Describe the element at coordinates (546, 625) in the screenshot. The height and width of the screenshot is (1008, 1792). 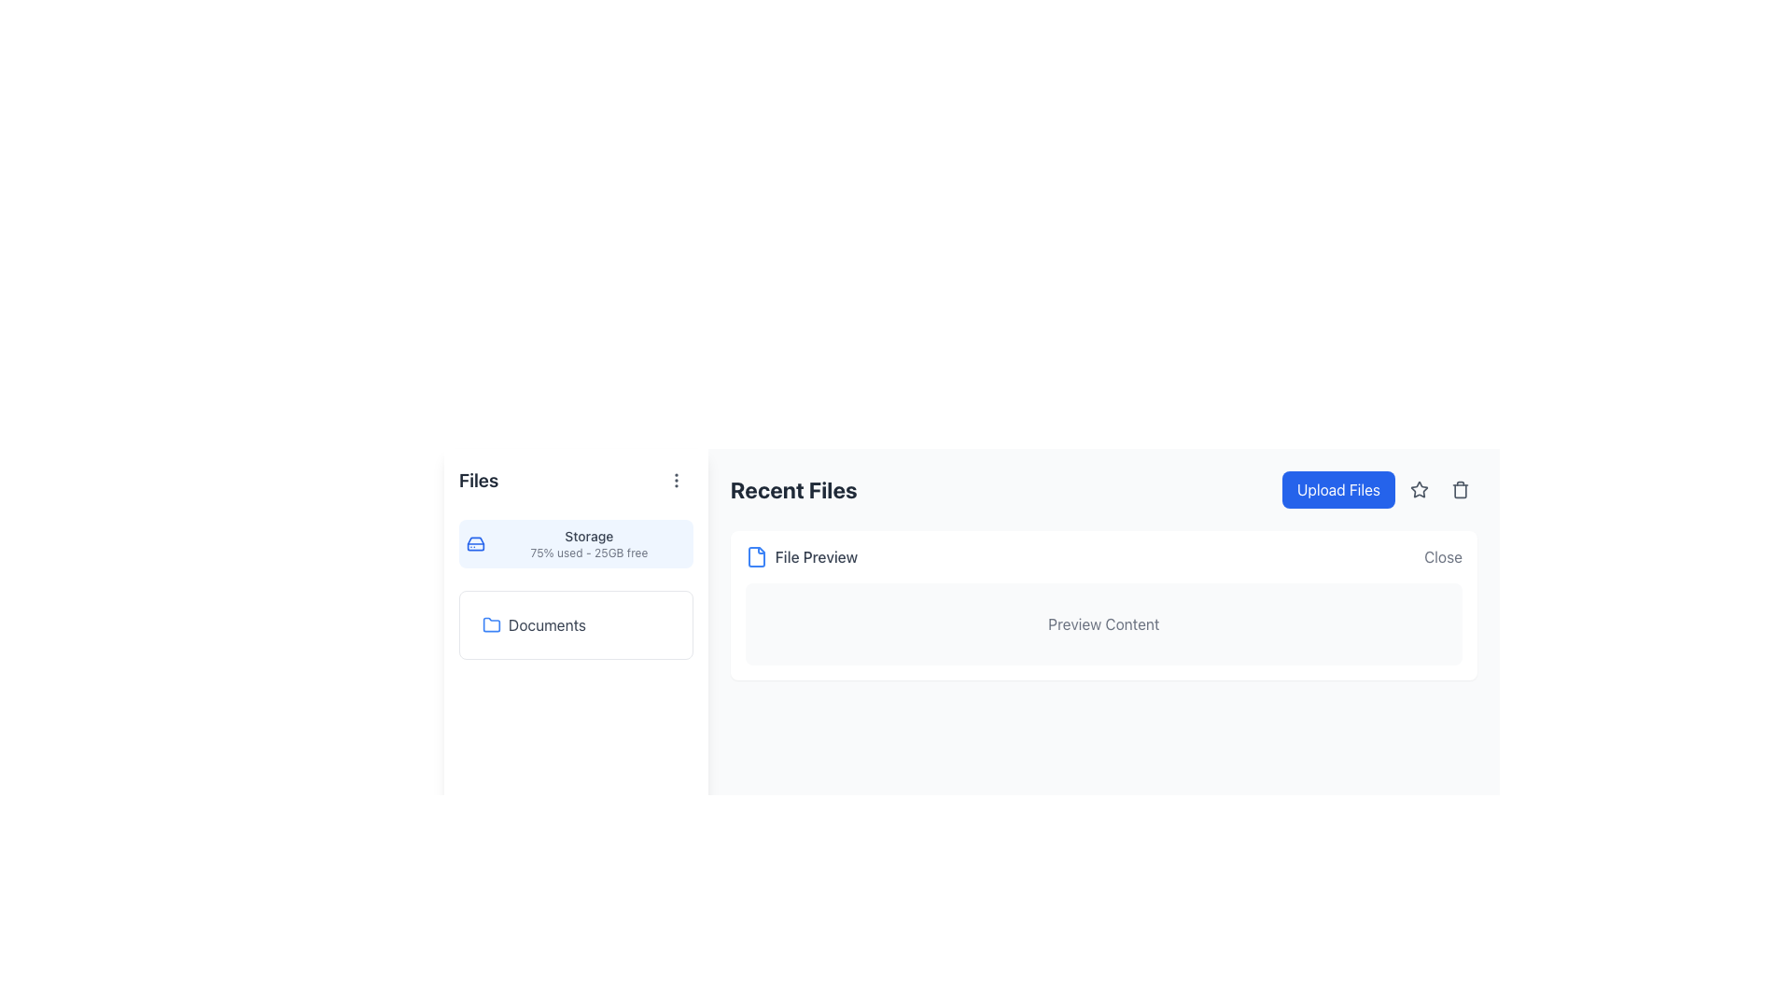
I see `the static text label displaying 'Documents' in gray color, located in the left panel under the 'Storage' section` at that location.